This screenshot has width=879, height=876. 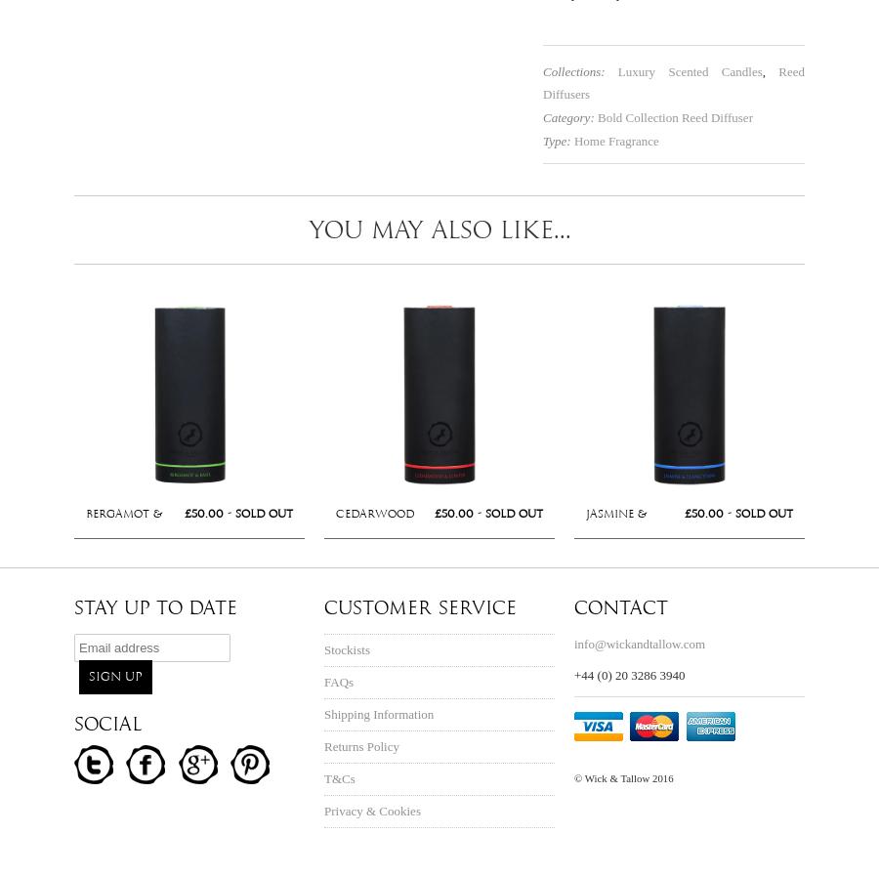 I want to click on 'Category:', so click(x=568, y=116).